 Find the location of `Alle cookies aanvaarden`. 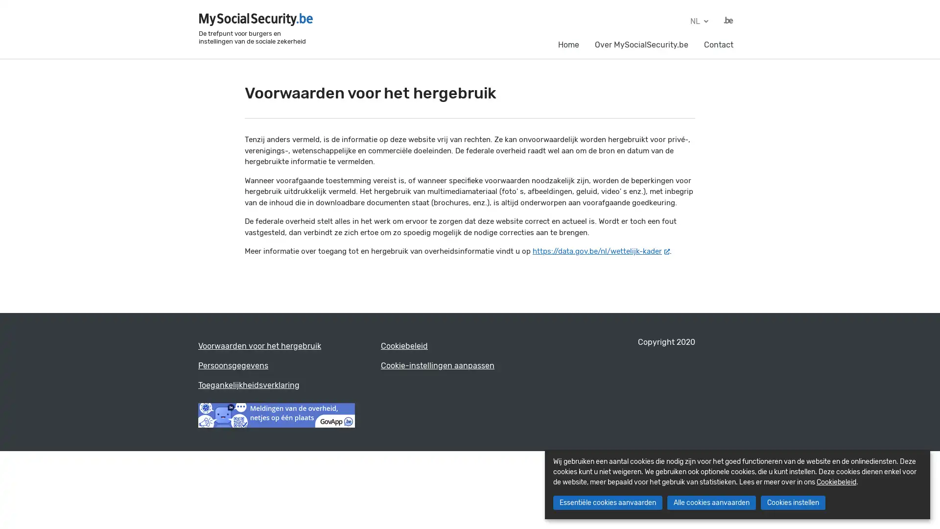

Alle cookies aanvaarden is located at coordinates (711, 503).